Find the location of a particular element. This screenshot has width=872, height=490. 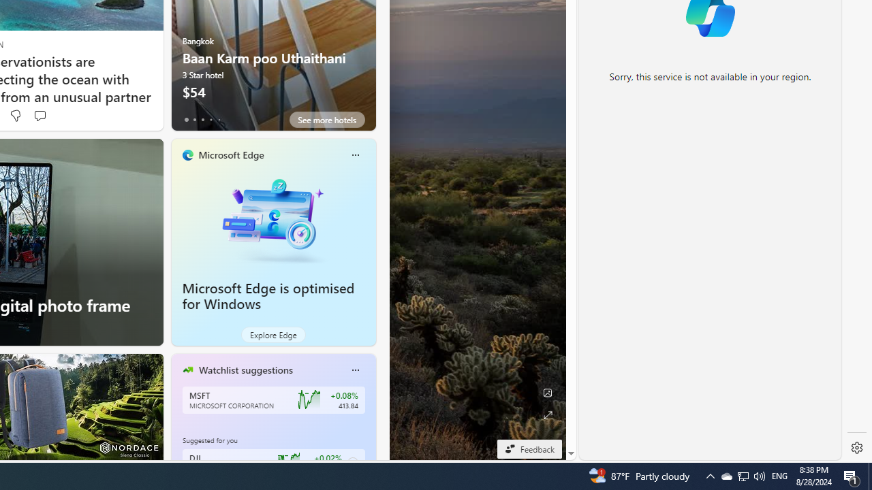

'Start the conversation' is located at coordinates (40, 114).